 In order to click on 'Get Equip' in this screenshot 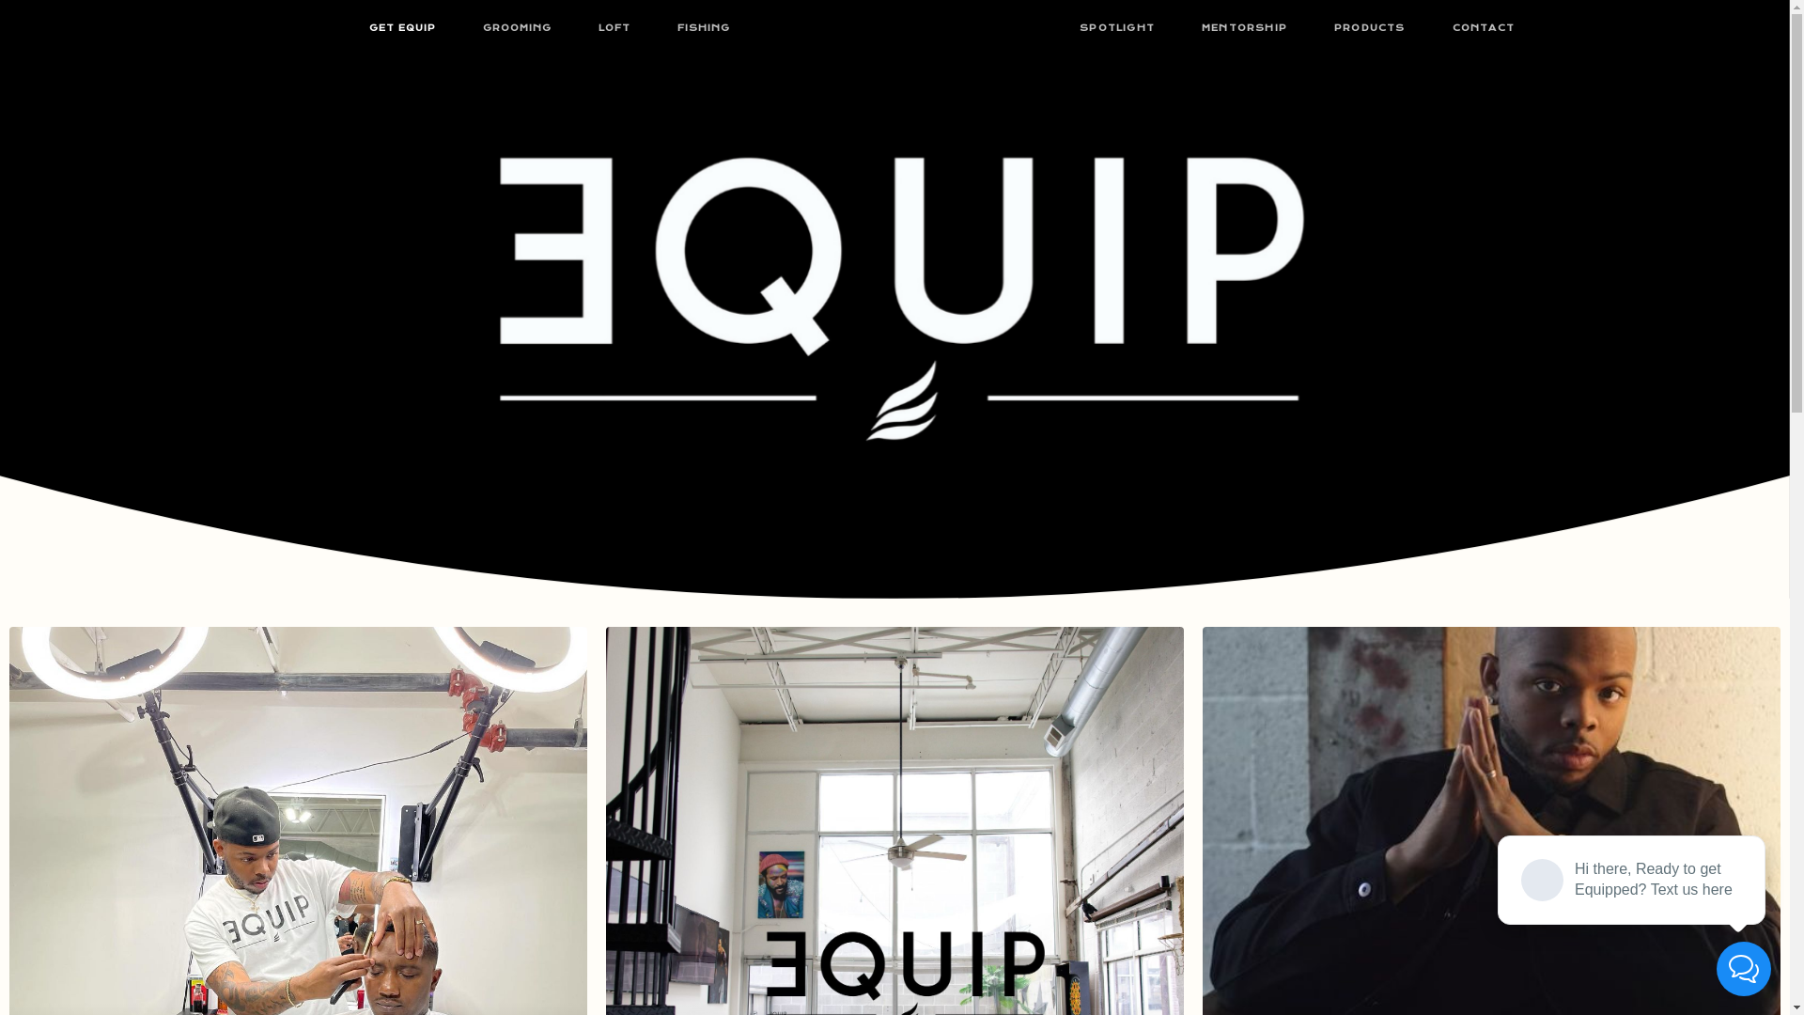, I will do `click(599, 623)`.